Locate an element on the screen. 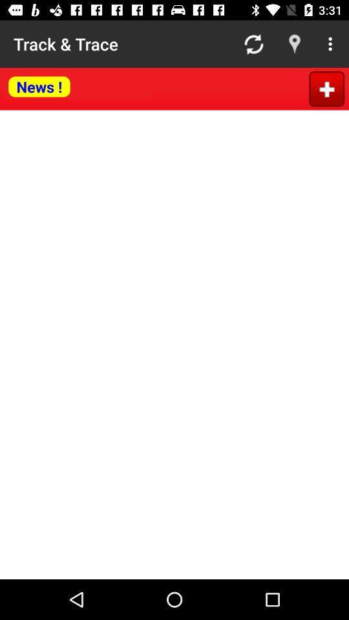 The width and height of the screenshot is (349, 620). a news is located at coordinates (326, 88).